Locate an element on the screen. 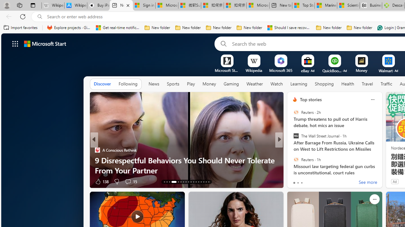 This screenshot has width=405, height=227. 'Tasting Table' is located at coordinates (292, 150).